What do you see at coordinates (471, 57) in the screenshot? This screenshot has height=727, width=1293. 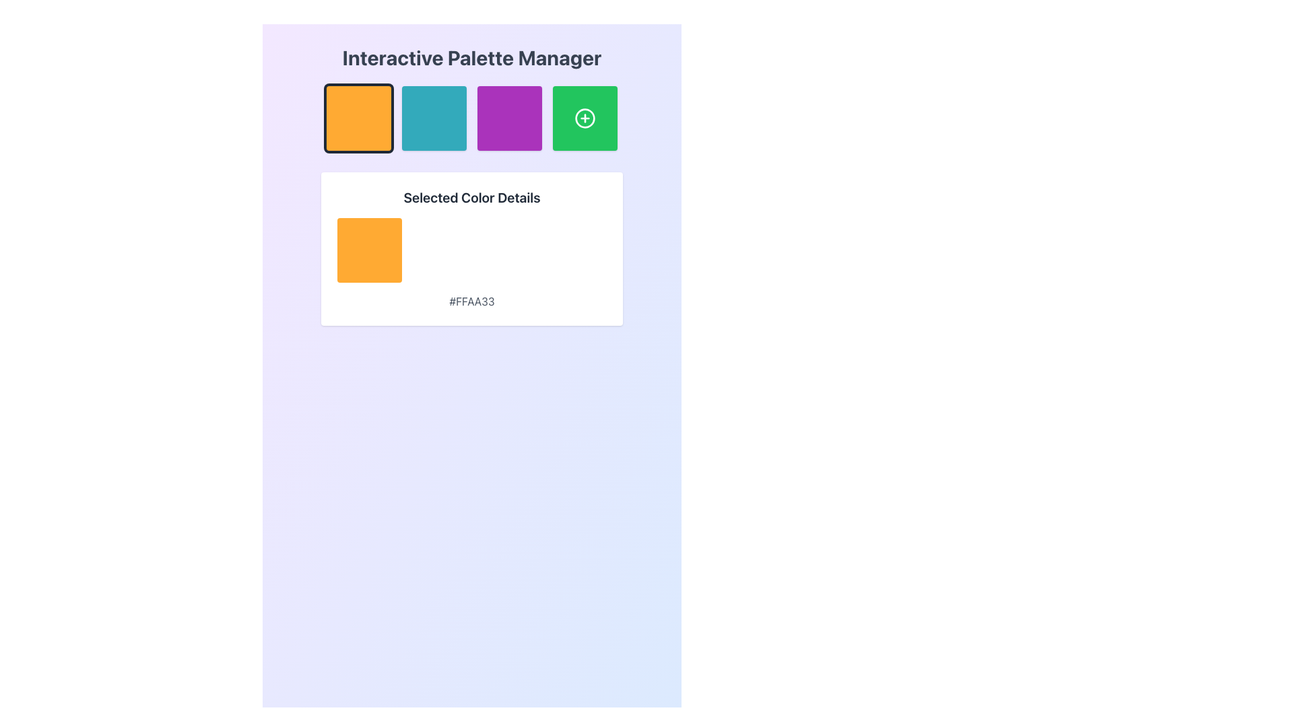 I see `the main title text label displaying 'Interactive Palette Manager', which is positioned at the top center of the interface` at bounding box center [471, 57].